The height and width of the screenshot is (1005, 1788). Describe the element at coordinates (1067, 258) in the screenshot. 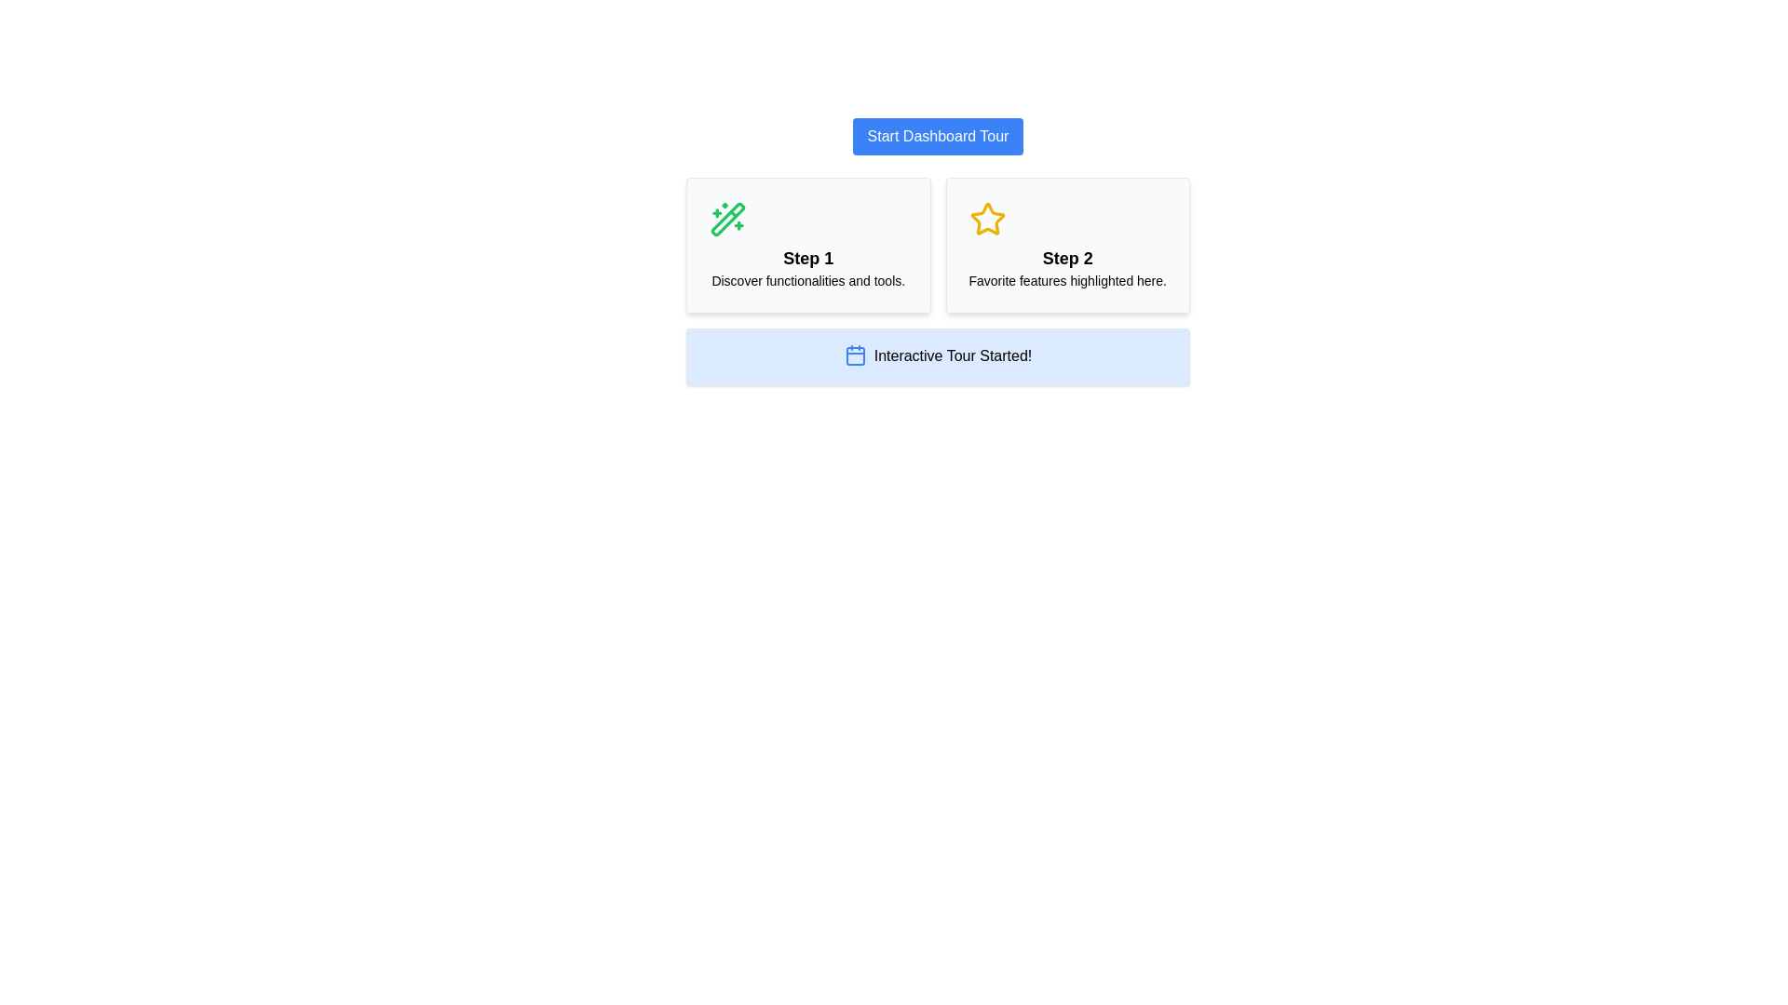

I see `the 'Step 2' text label, which is styled with a bold, large font and located in the center of the right card component` at that location.